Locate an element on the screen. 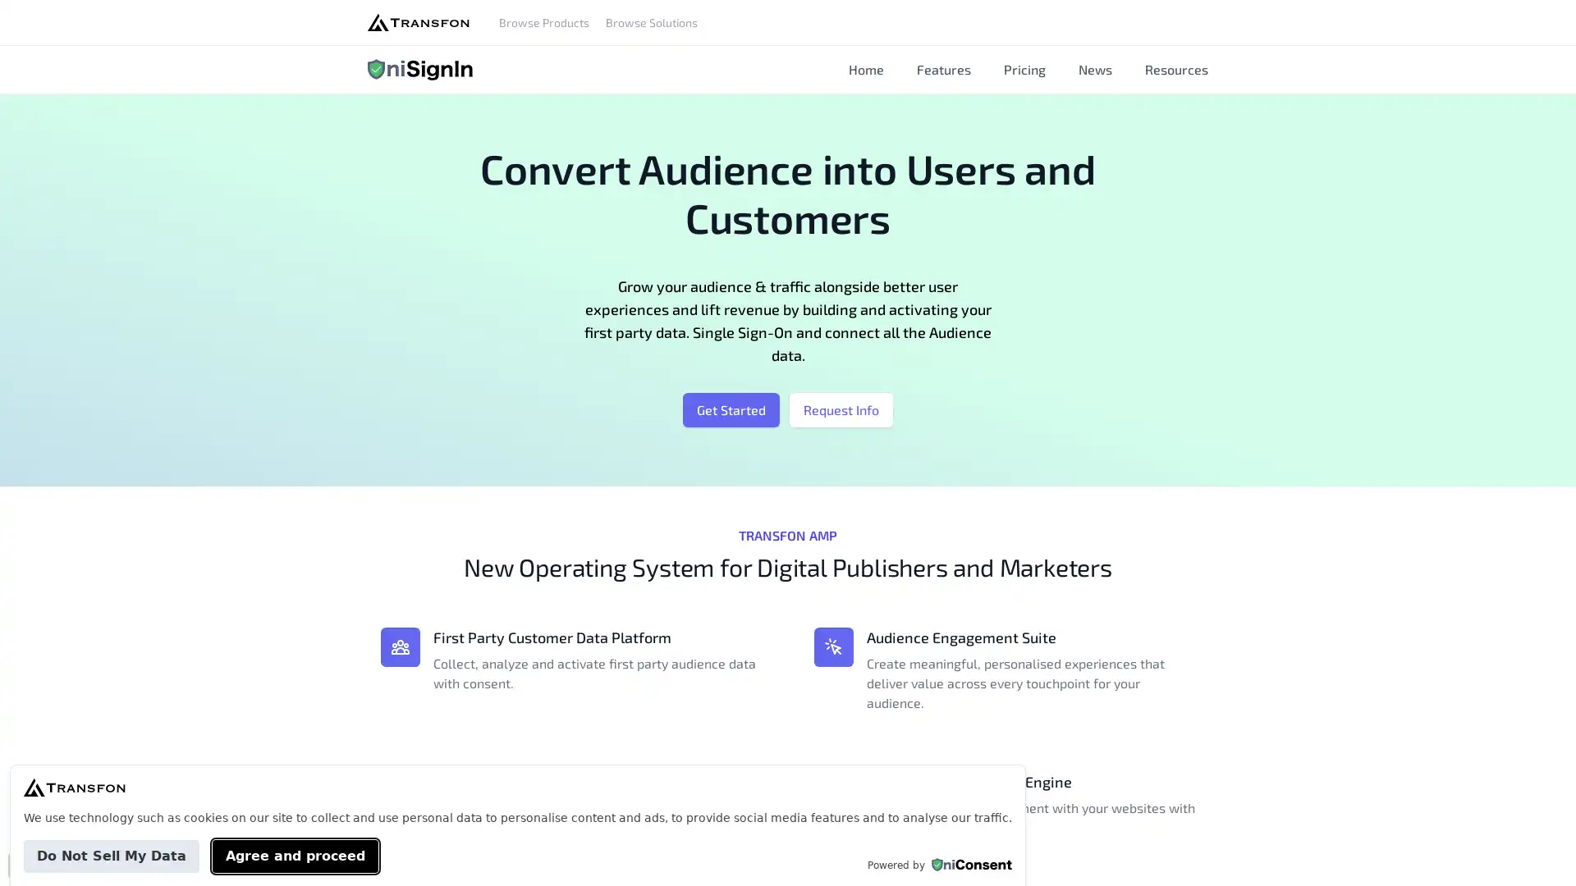 Image resolution: width=1576 pixels, height=886 pixels. Do Not Sell My Data is located at coordinates (110, 856).